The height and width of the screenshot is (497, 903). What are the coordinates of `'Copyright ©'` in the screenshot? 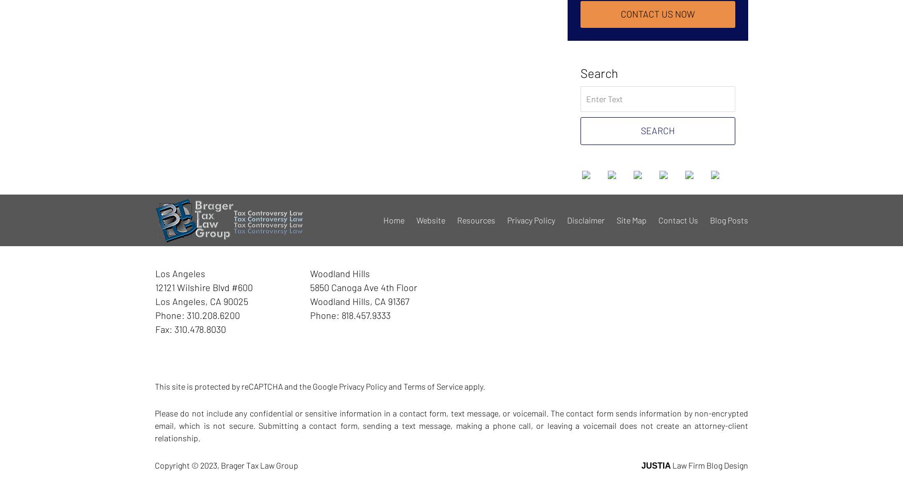 It's located at (176, 464).